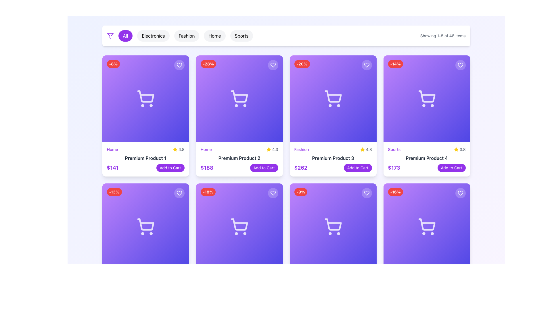 This screenshot has height=310, width=552. Describe the element at coordinates (239, 96) in the screenshot. I see `the minimalist line-drawn shopping cart icon located at the top section of the second product card in the grid` at that location.